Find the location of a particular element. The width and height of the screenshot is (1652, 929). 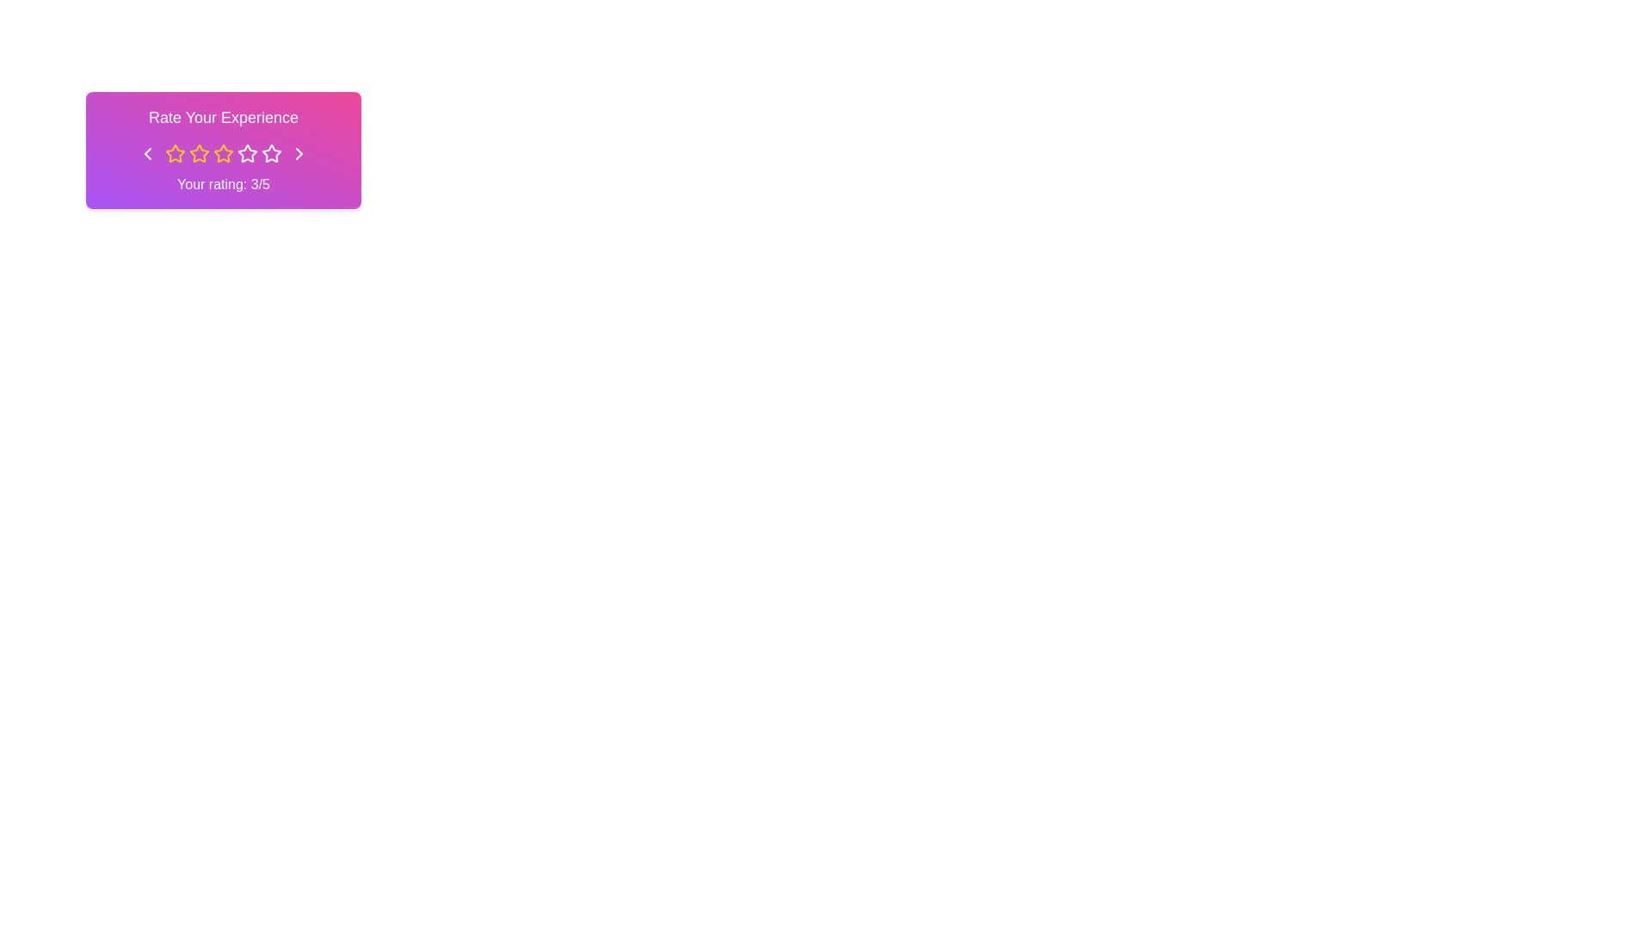

the fourth yellow star icon in the rating widget is located at coordinates (222, 152).